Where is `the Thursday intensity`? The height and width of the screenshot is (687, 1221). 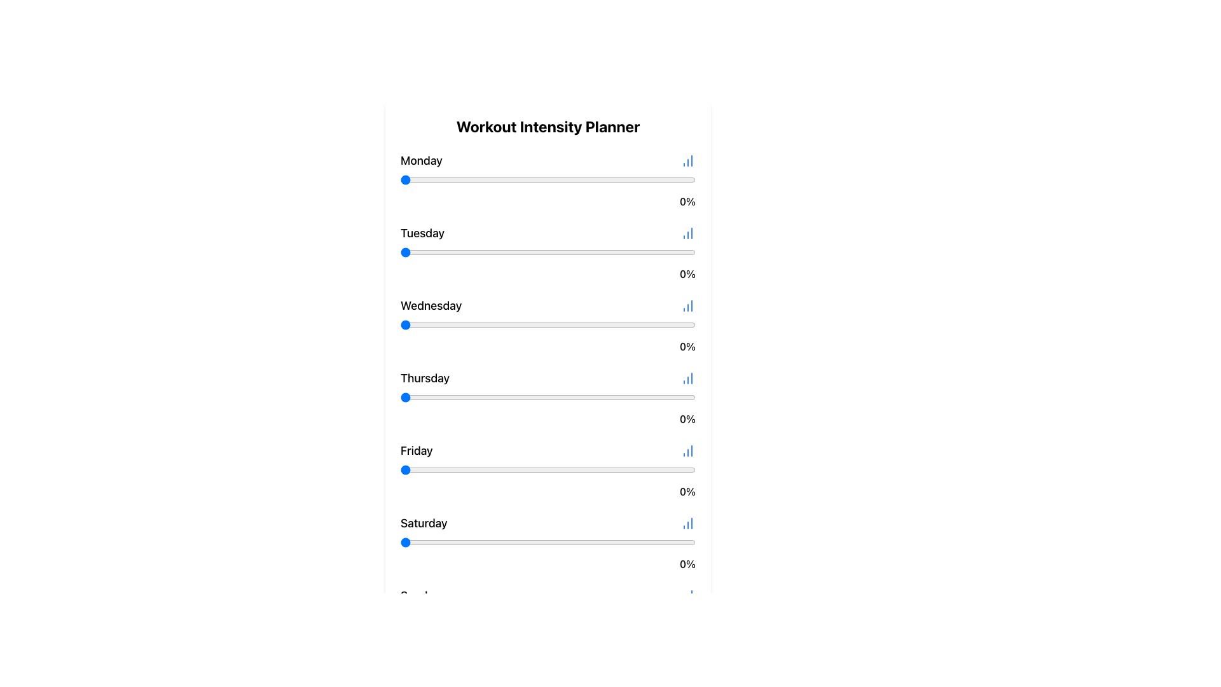 the Thursday intensity is located at coordinates (609, 396).